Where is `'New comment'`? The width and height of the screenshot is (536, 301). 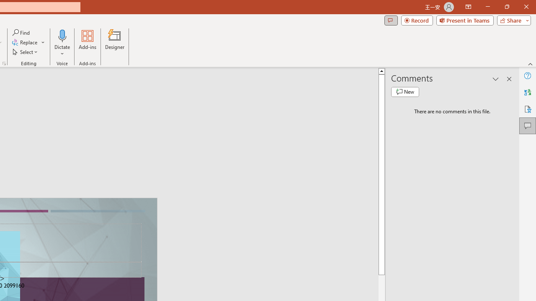 'New comment' is located at coordinates (405, 92).